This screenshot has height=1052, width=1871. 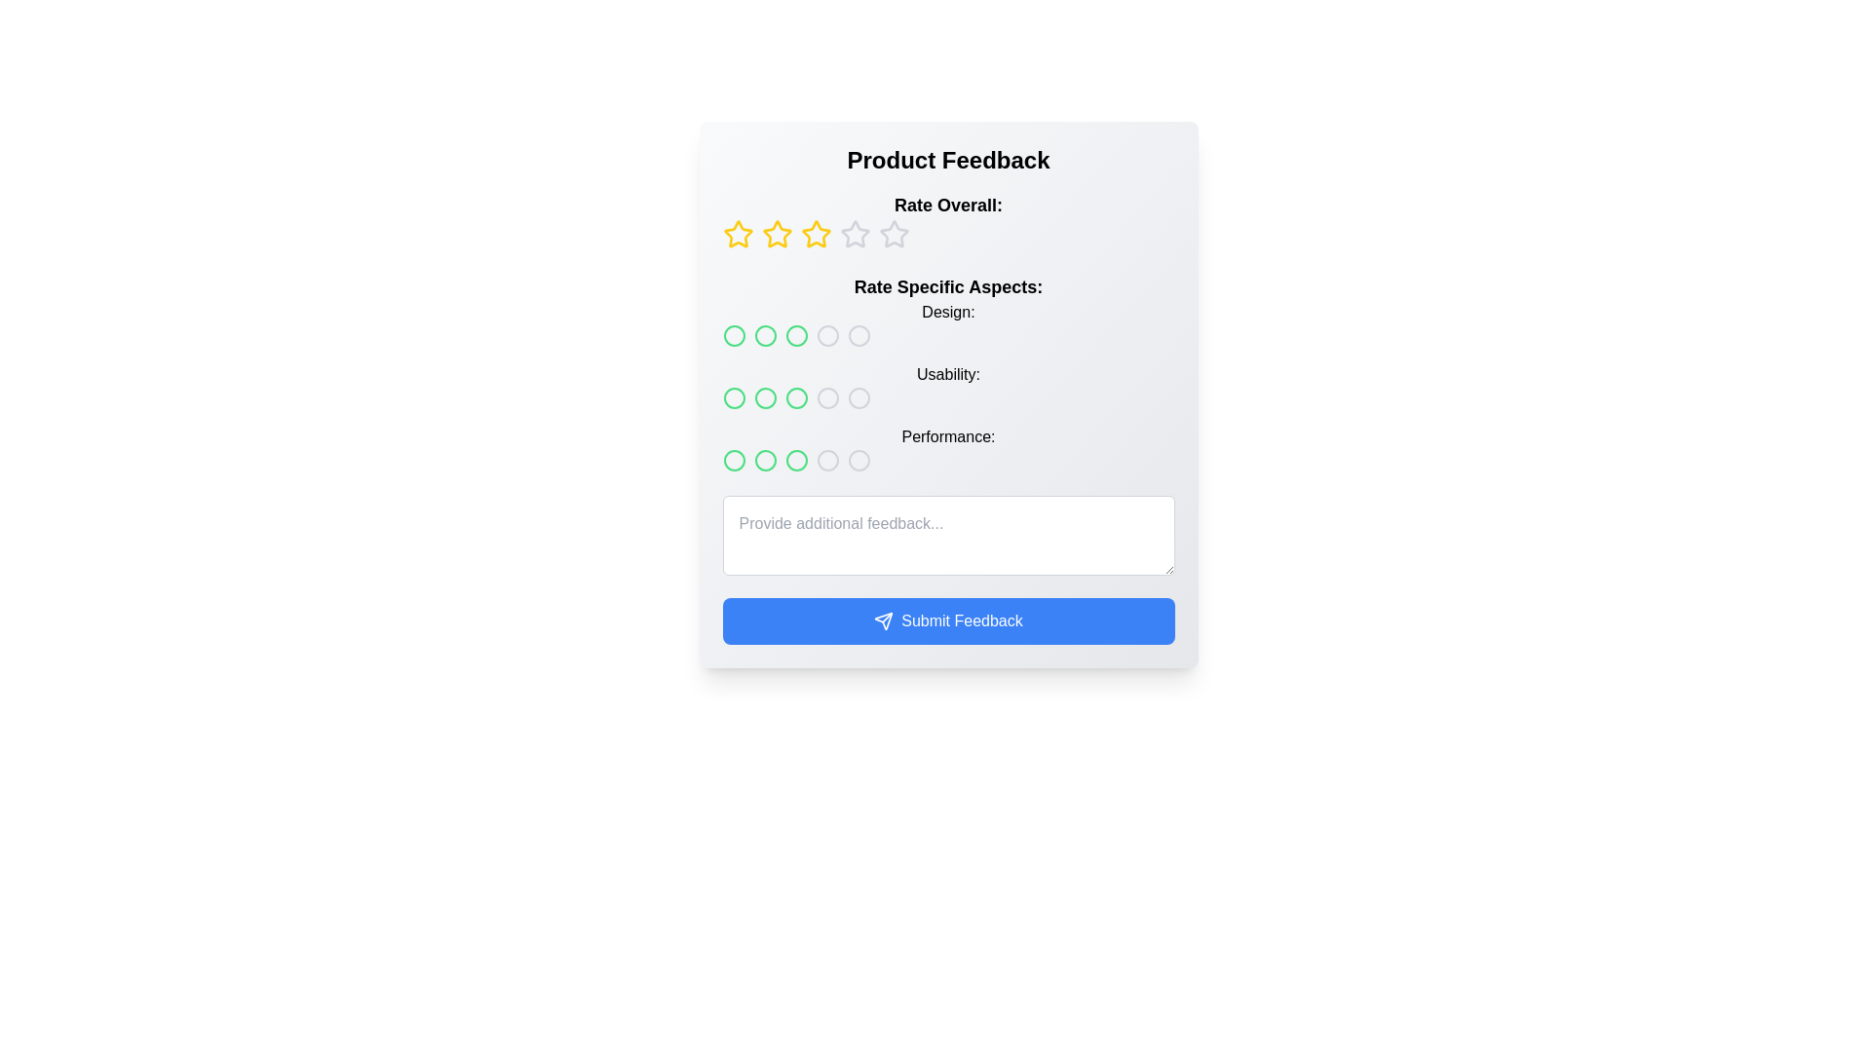 I want to click on the first green circular rating option in the 'Performance' rating row, so click(x=733, y=461).